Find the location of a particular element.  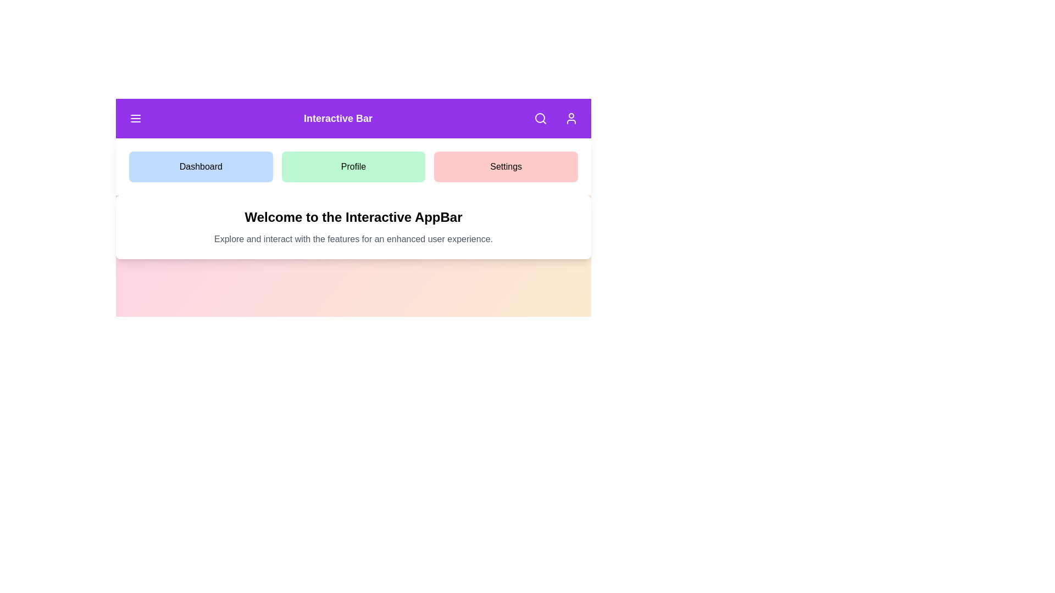

the user icon to view user-related options is located at coordinates (571, 119).